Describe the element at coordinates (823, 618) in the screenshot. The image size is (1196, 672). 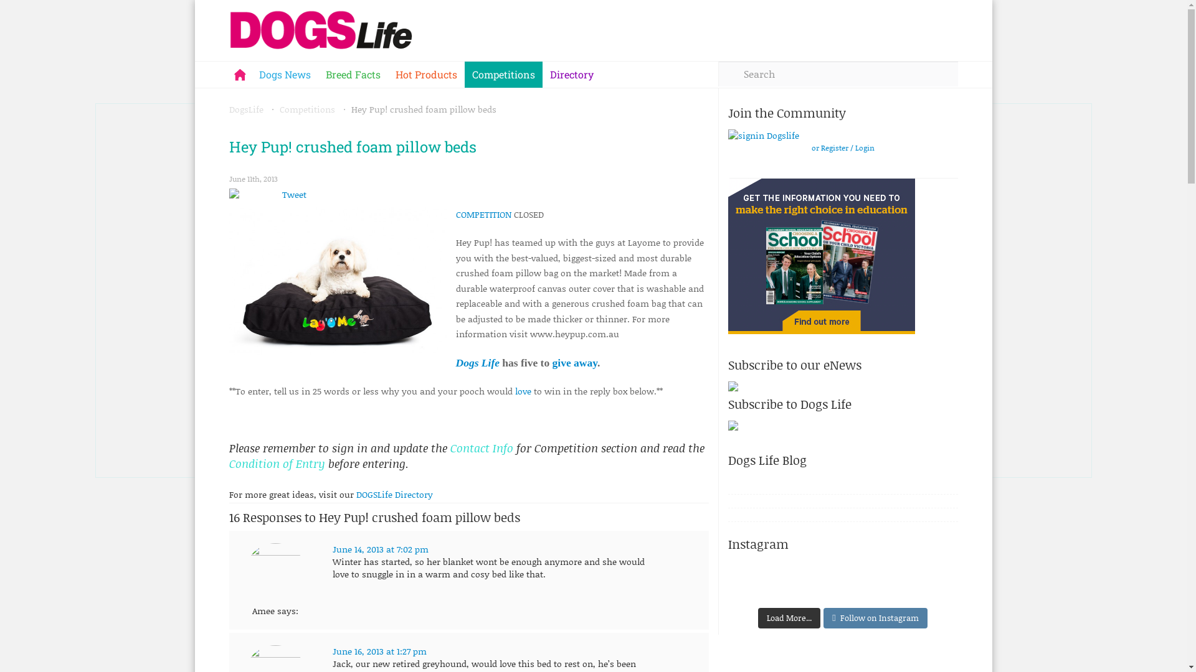
I see `'Follow on Instagram'` at that location.